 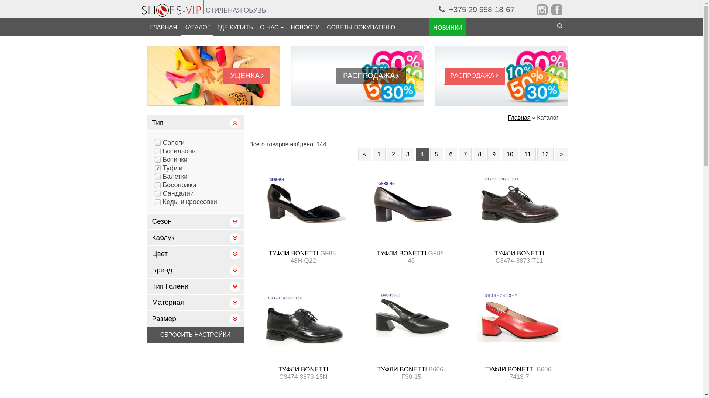 What do you see at coordinates (407, 154) in the screenshot?
I see `'3'` at bounding box center [407, 154].